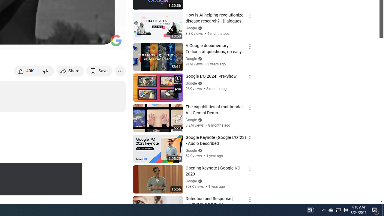 This screenshot has height=216, width=384. What do you see at coordinates (46, 70) in the screenshot?
I see `'Dislike this video'` at bounding box center [46, 70].